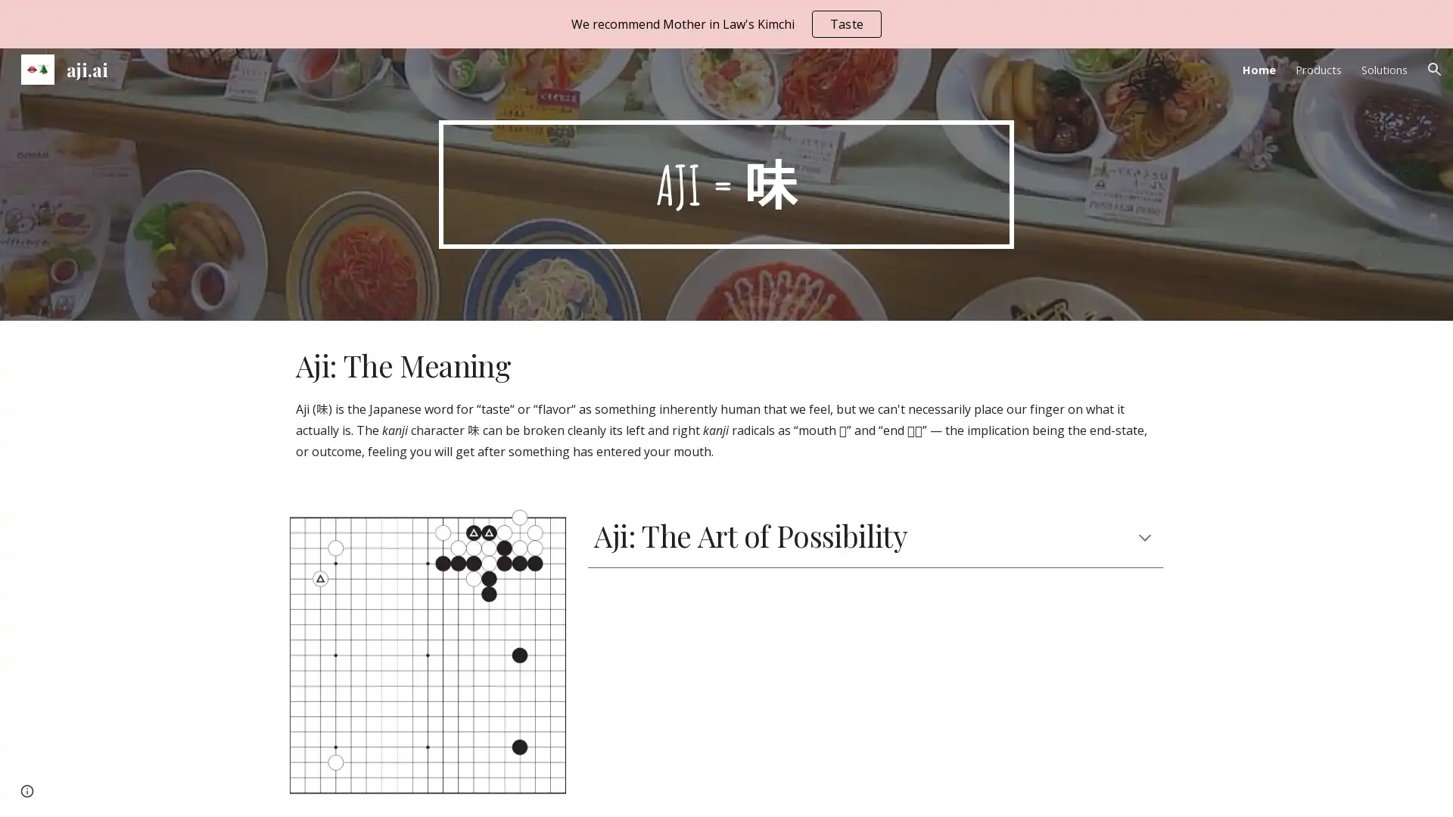 Image resolution: width=1453 pixels, height=817 pixels. I want to click on Skip to navigation, so click(862, 28).